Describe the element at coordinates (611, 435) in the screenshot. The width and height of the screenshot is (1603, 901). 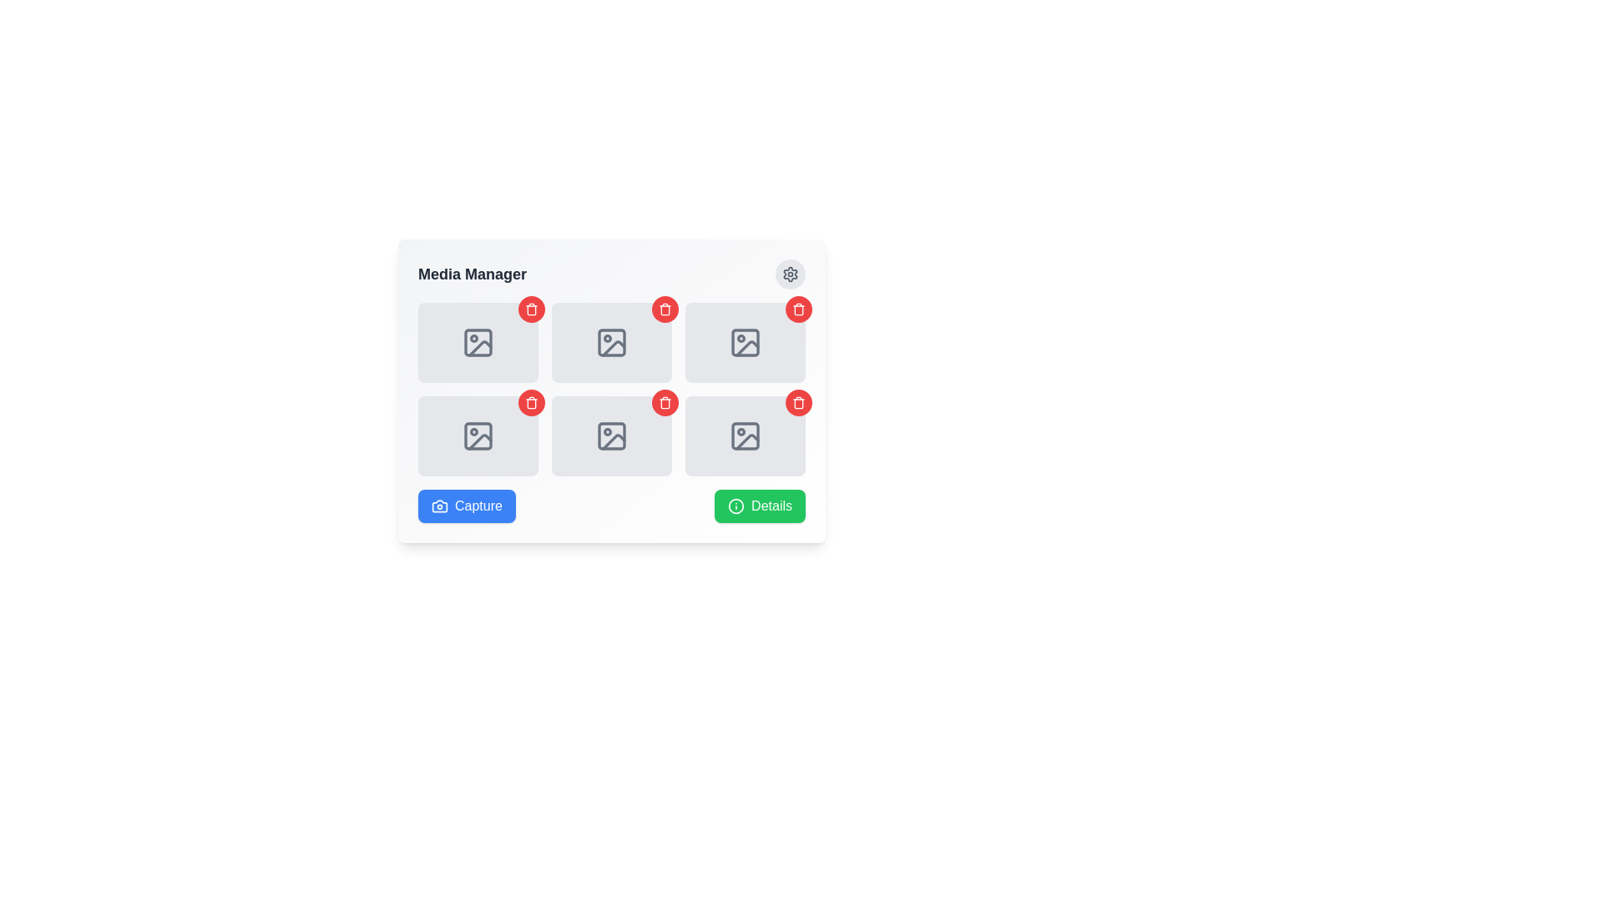
I see `the media icon located in the bottom-left item of the 2x3 grid layout, which is adjacent` at that location.